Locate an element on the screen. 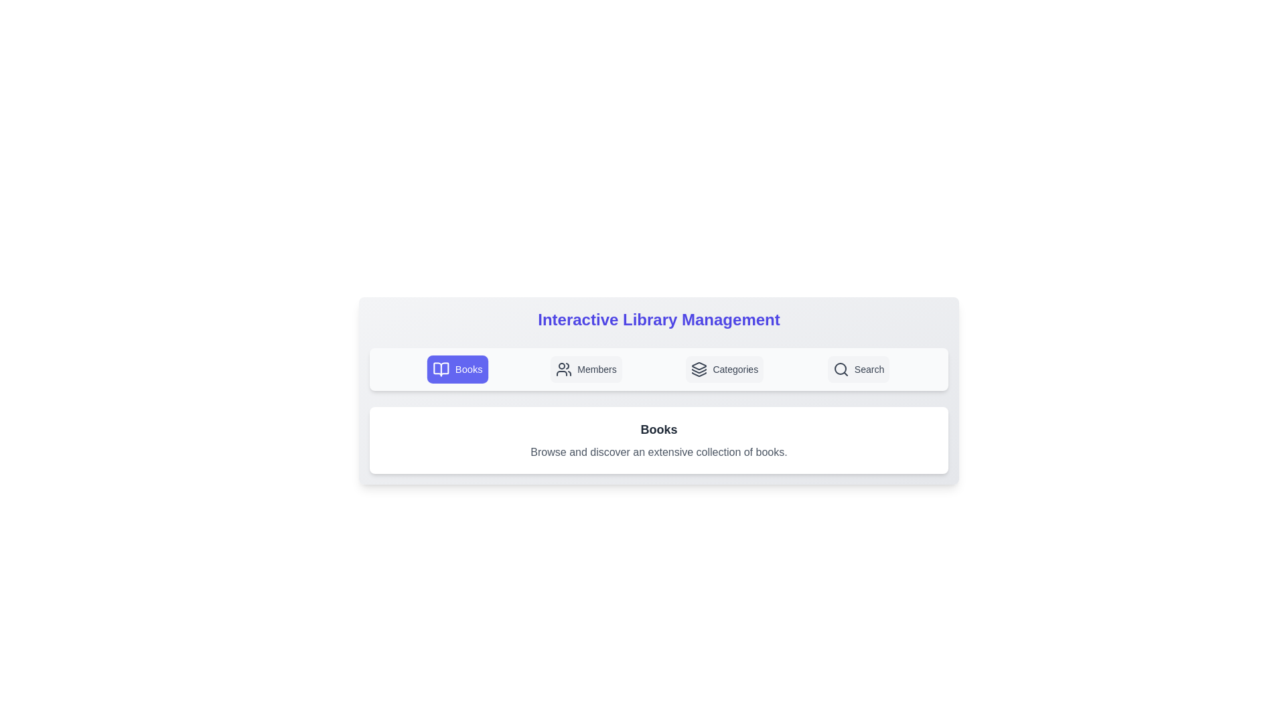  the search button located in the top right of the navigation bar is located at coordinates (858, 369).